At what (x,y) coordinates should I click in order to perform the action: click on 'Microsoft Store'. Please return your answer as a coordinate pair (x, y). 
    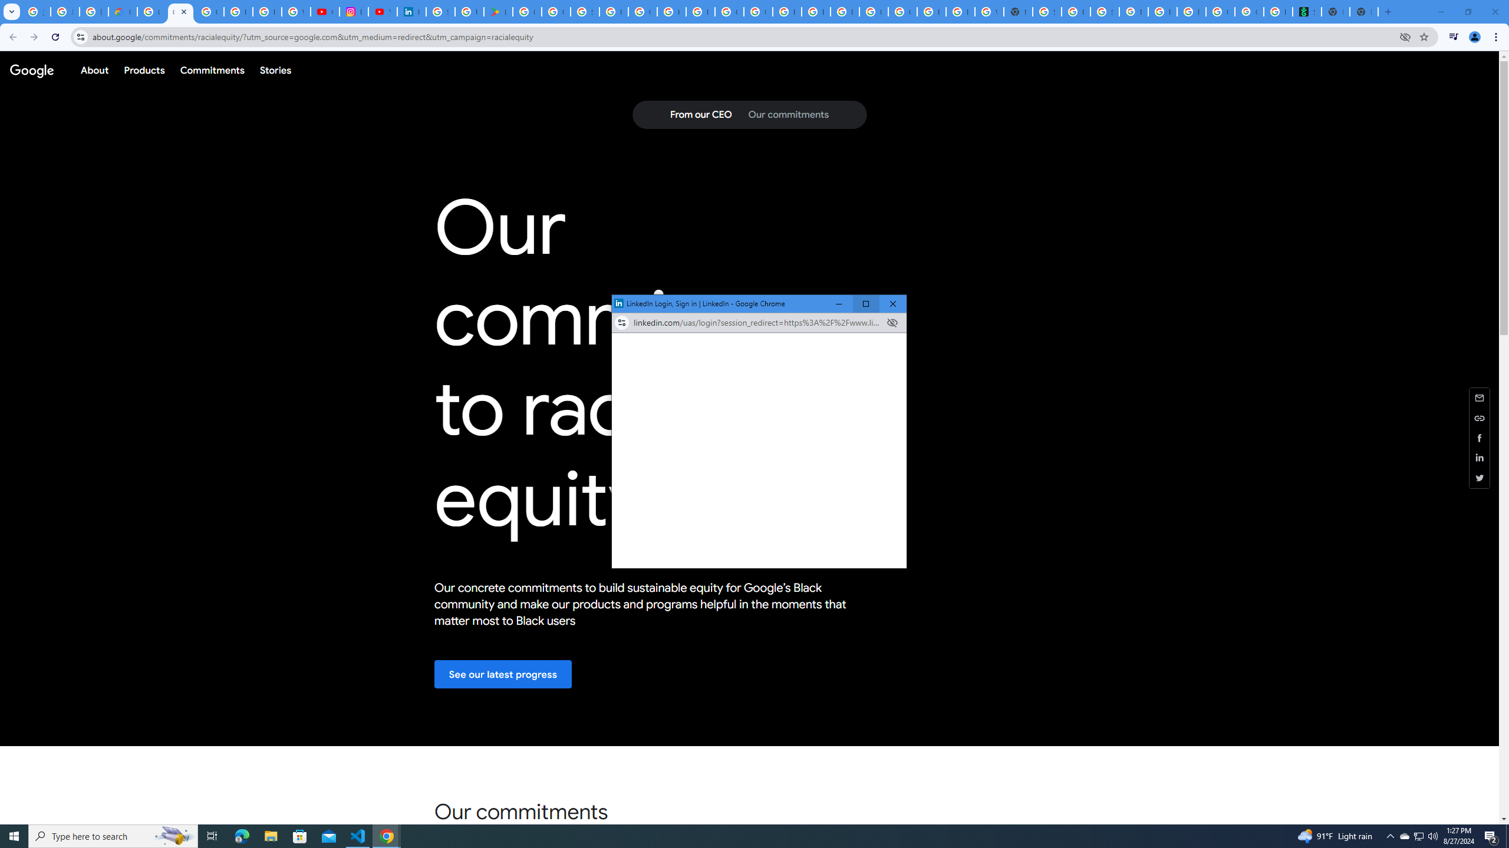
    Looking at the image, I should click on (300, 835).